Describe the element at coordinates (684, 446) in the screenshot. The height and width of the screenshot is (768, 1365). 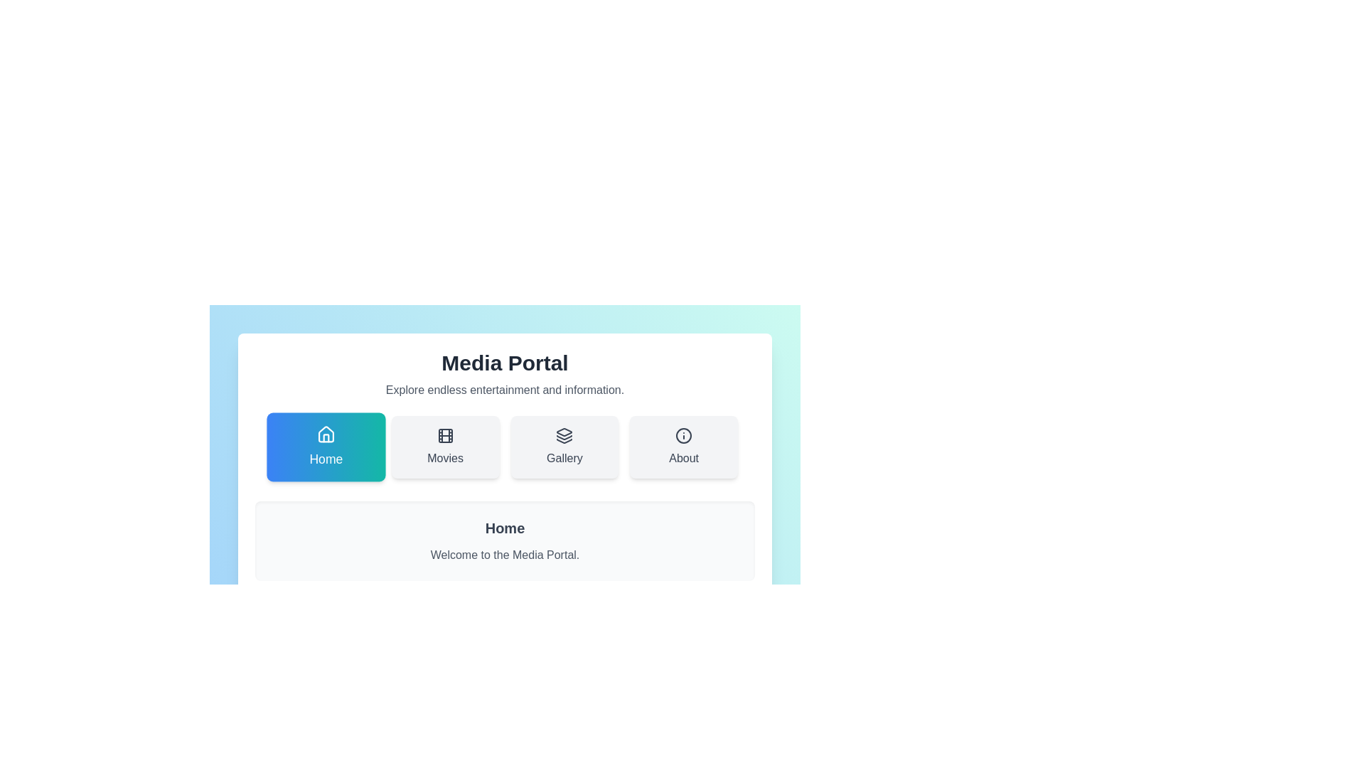
I see `the navigation button that directs users to the 'About' page, which is the fourth item in the grid layout located in the top-right corner, adjacent to the 'Gallery' button` at that location.